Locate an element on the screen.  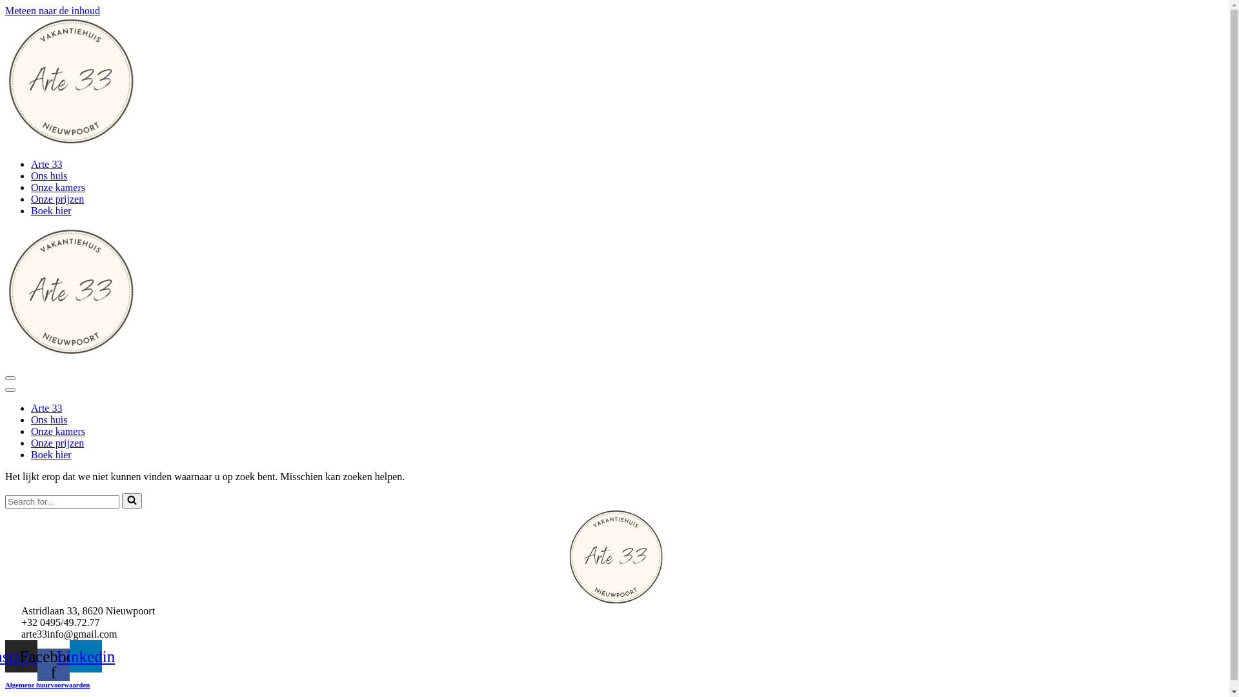
'Navigatie Menu' is located at coordinates (10, 378).